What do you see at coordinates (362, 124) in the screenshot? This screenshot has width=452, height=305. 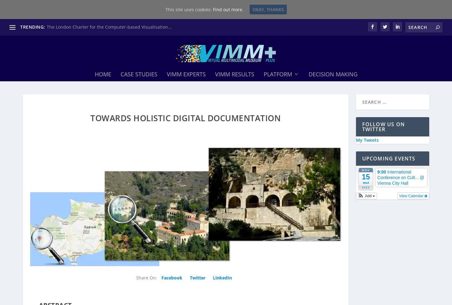 I see `'Follow us on Twitter'` at bounding box center [362, 124].